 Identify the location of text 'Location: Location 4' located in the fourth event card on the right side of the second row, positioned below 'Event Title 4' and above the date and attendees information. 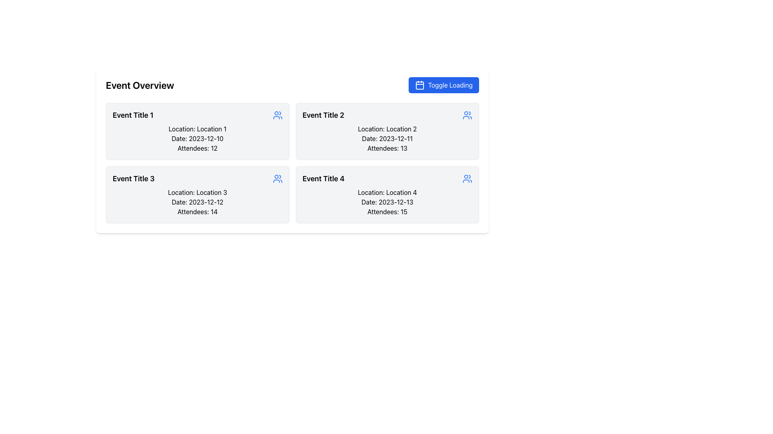
(387, 192).